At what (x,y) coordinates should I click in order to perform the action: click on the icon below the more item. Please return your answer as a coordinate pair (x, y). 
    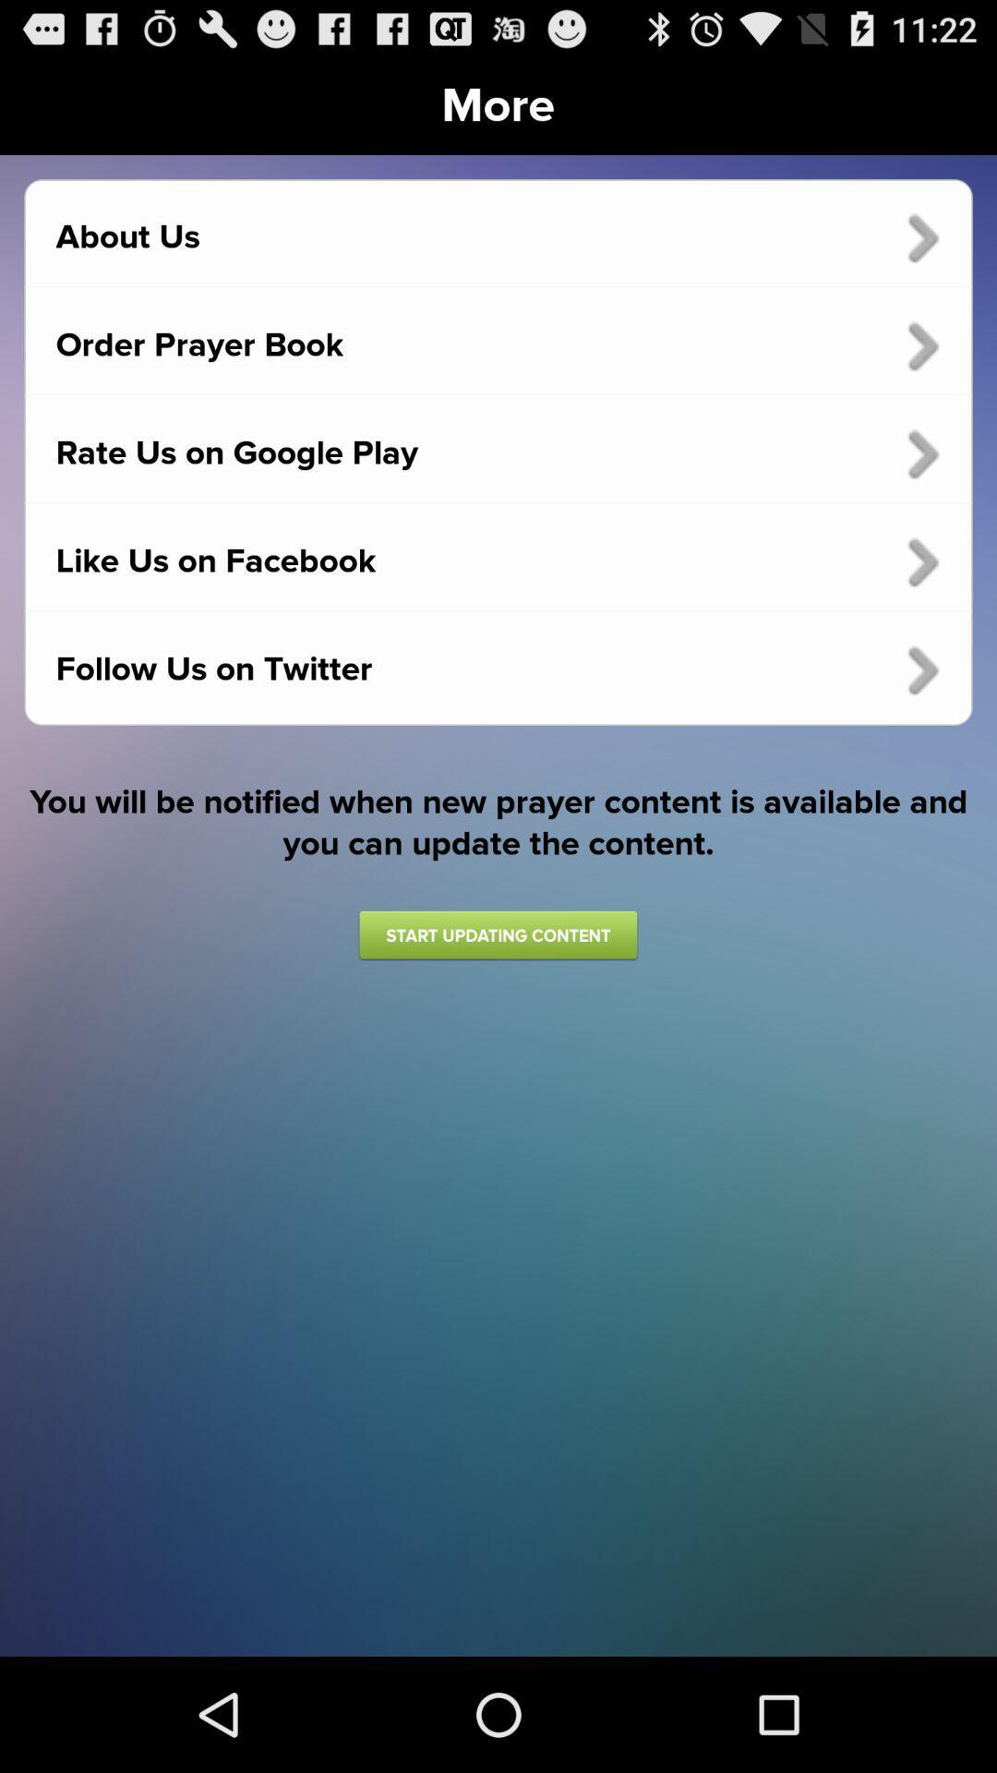
    Looking at the image, I should click on (498, 236).